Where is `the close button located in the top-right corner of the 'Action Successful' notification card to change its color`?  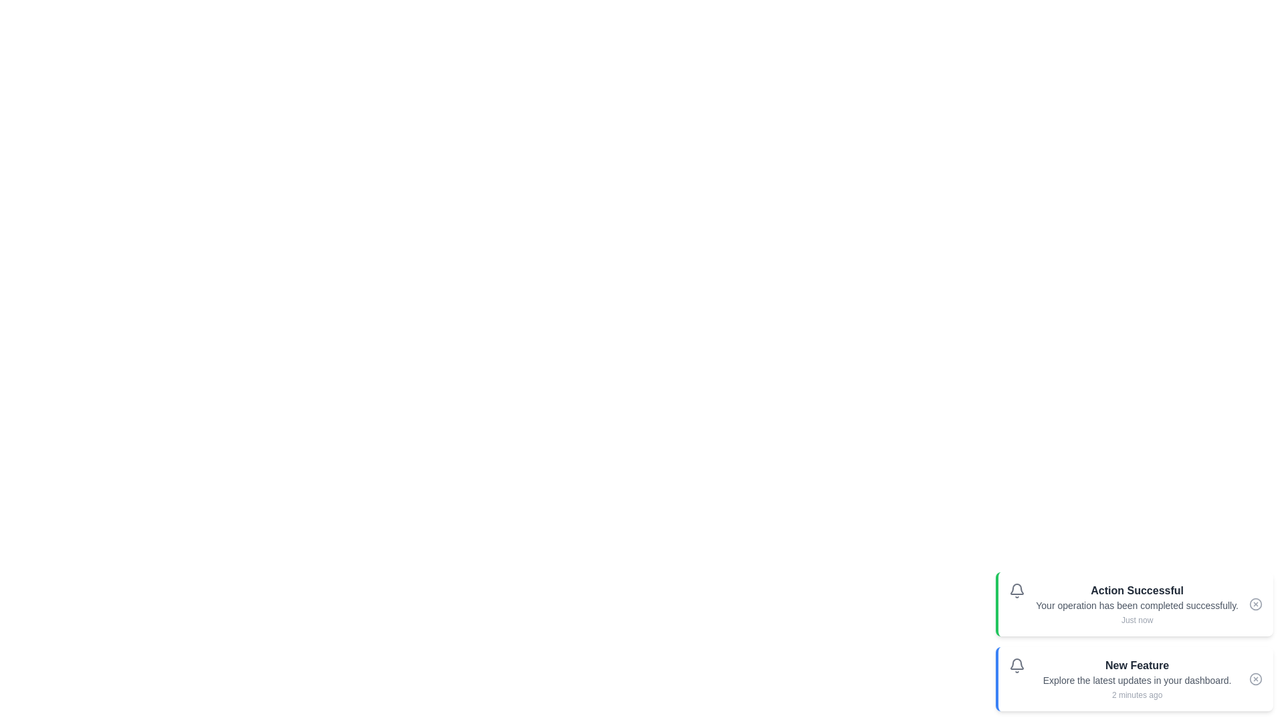 the close button located in the top-right corner of the 'Action Successful' notification card to change its color is located at coordinates (1255, 604).